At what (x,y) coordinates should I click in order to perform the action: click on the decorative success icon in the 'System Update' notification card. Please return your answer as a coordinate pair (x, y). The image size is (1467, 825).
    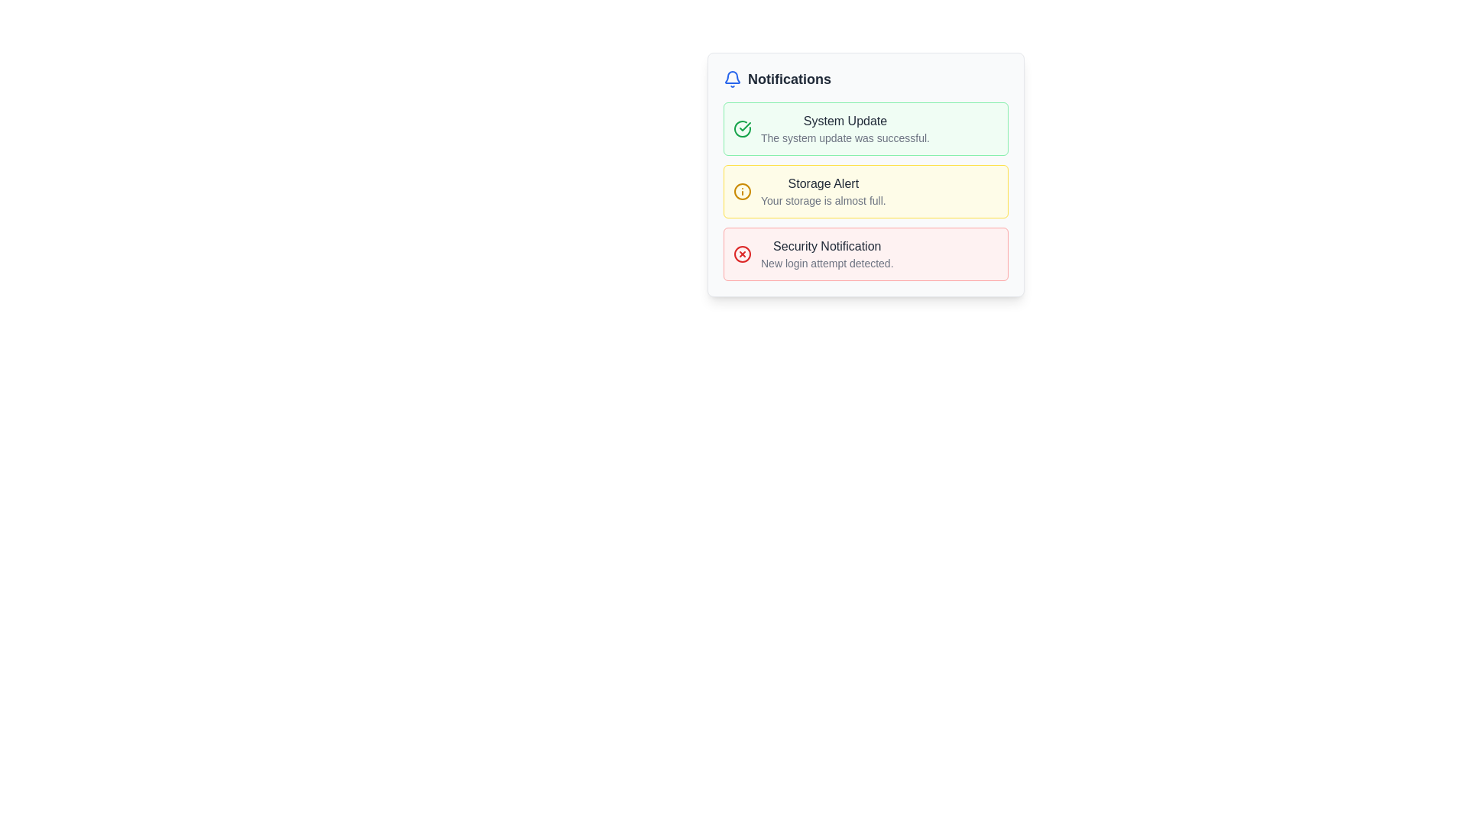
    Looking at the image, I should click on (742, 128).